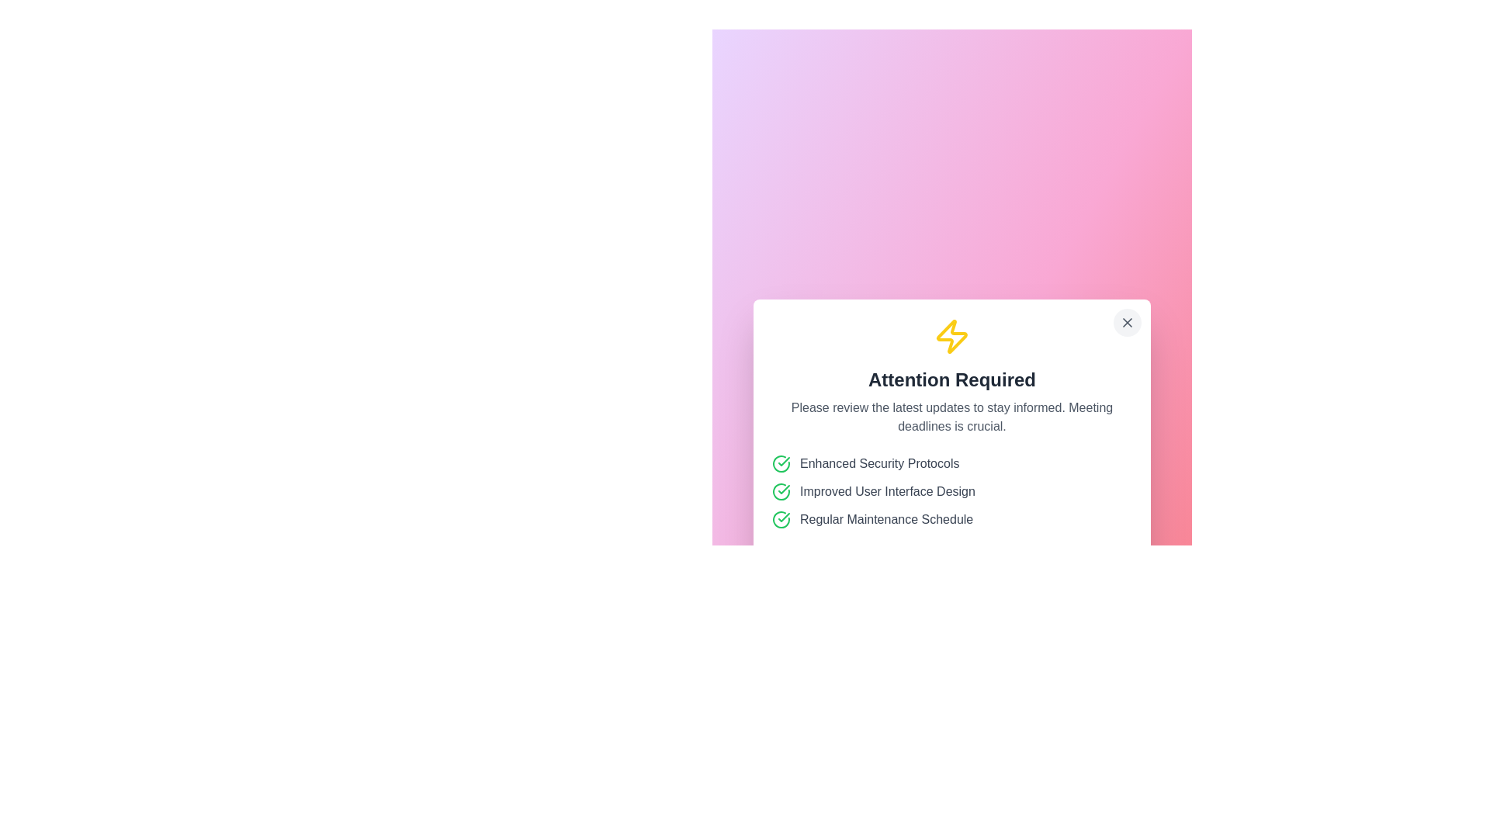  I want to click on the Close/Cancel Icon located in the top-right corner of the floating modal window through tab navigation, so click(1128, 322).